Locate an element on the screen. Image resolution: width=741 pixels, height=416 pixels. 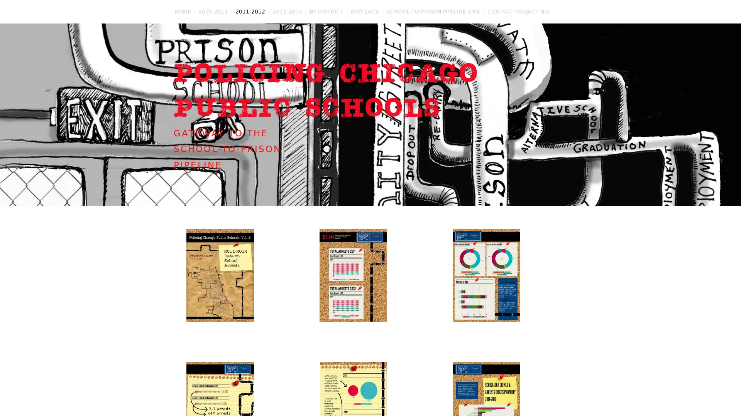
View fullsize CPD in CPS_P1.jpg is located at coordinates (237, 292).